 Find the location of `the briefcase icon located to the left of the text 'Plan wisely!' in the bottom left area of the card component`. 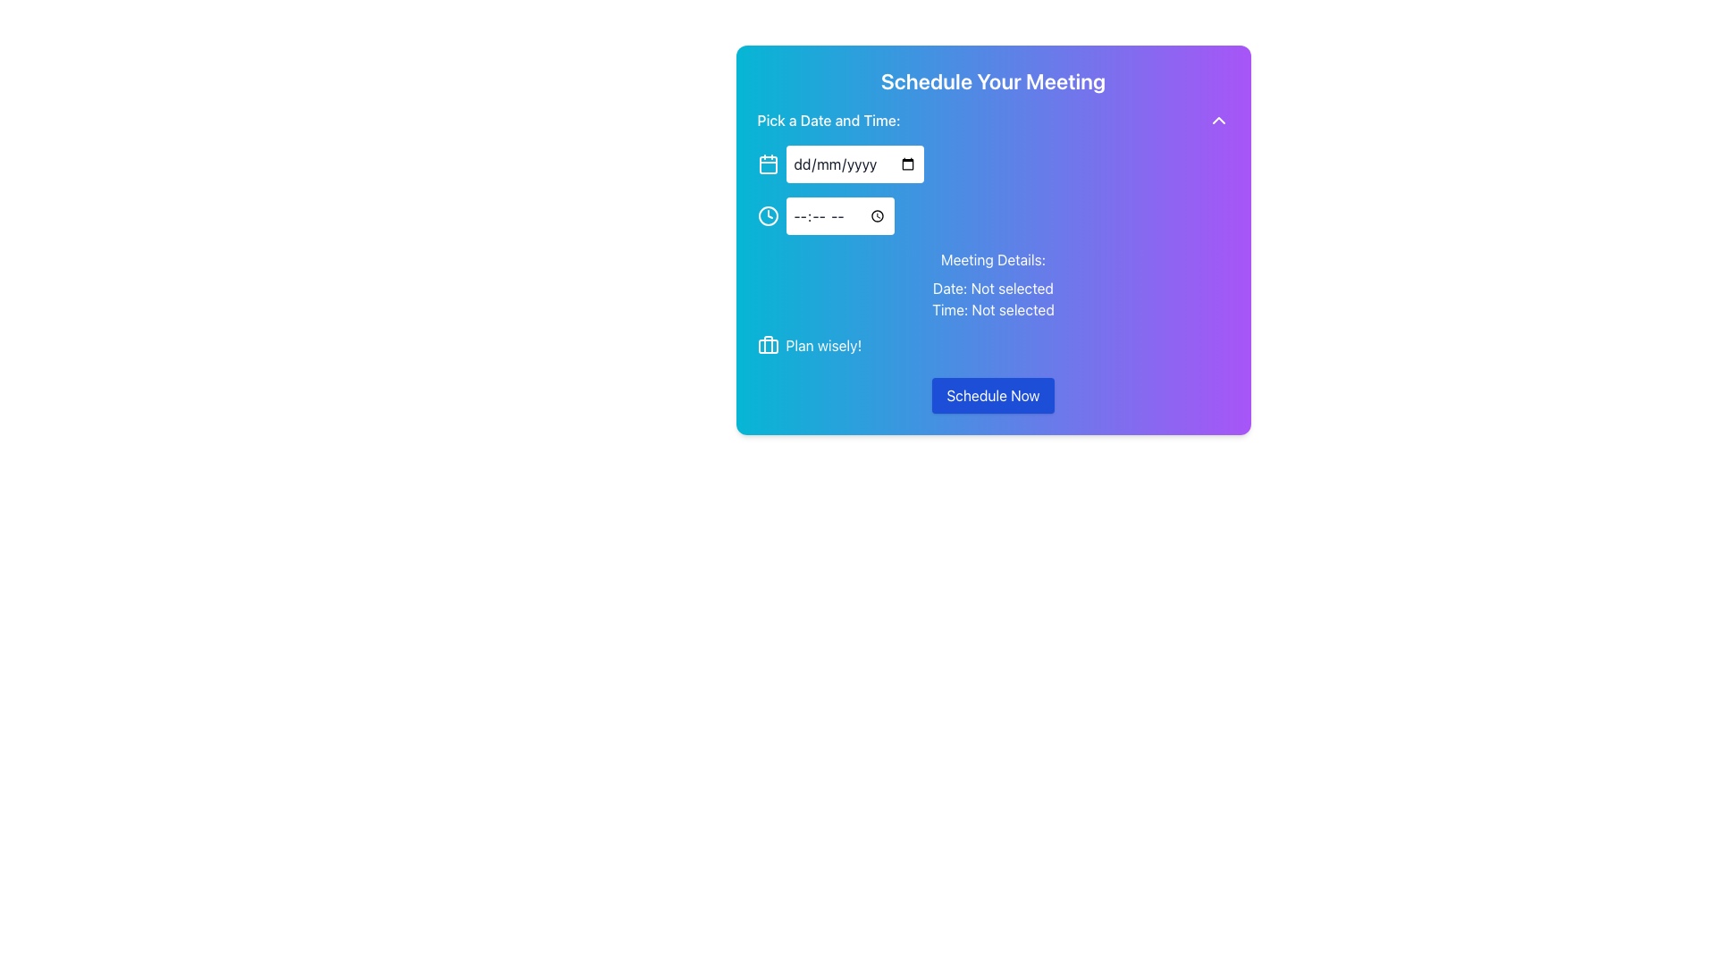

the briefcase icon located to the left of the text 'Plan wisely!' in the bottom left area of the card component is located at coordinates (768, 345).